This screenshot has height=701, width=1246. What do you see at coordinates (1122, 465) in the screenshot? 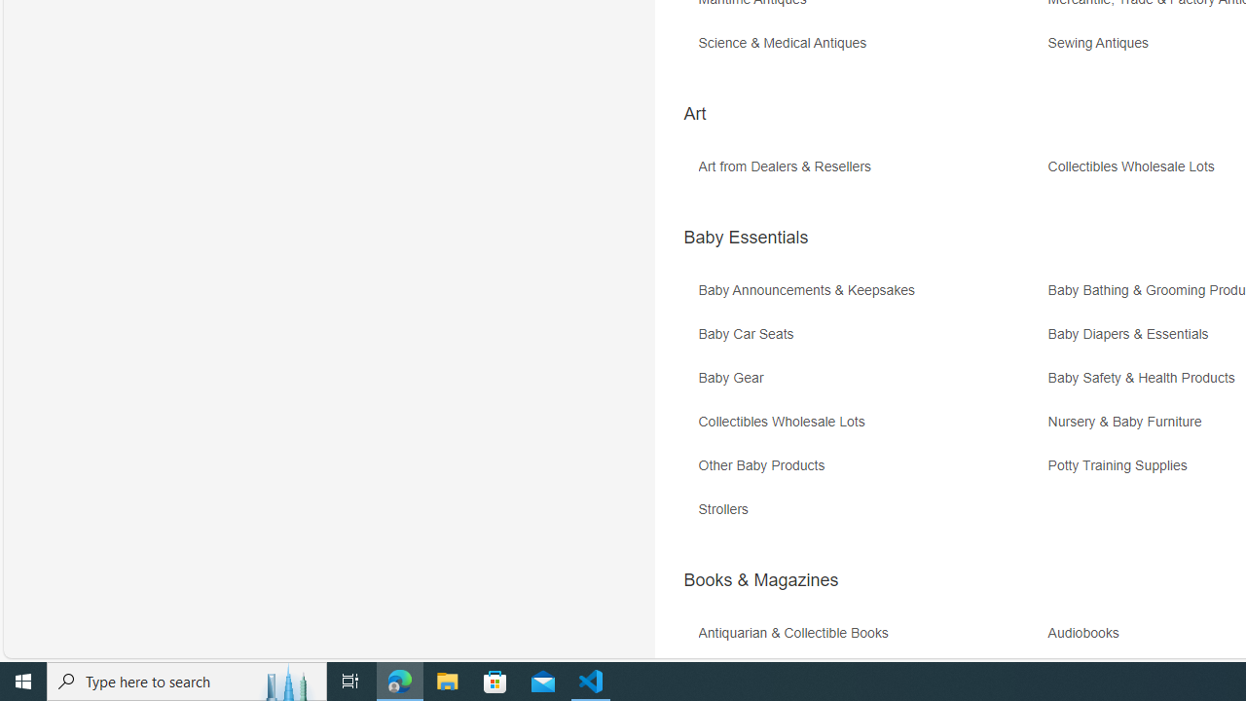
I see `'Potty Training Supplies'` at bounding box center [1122, 465].